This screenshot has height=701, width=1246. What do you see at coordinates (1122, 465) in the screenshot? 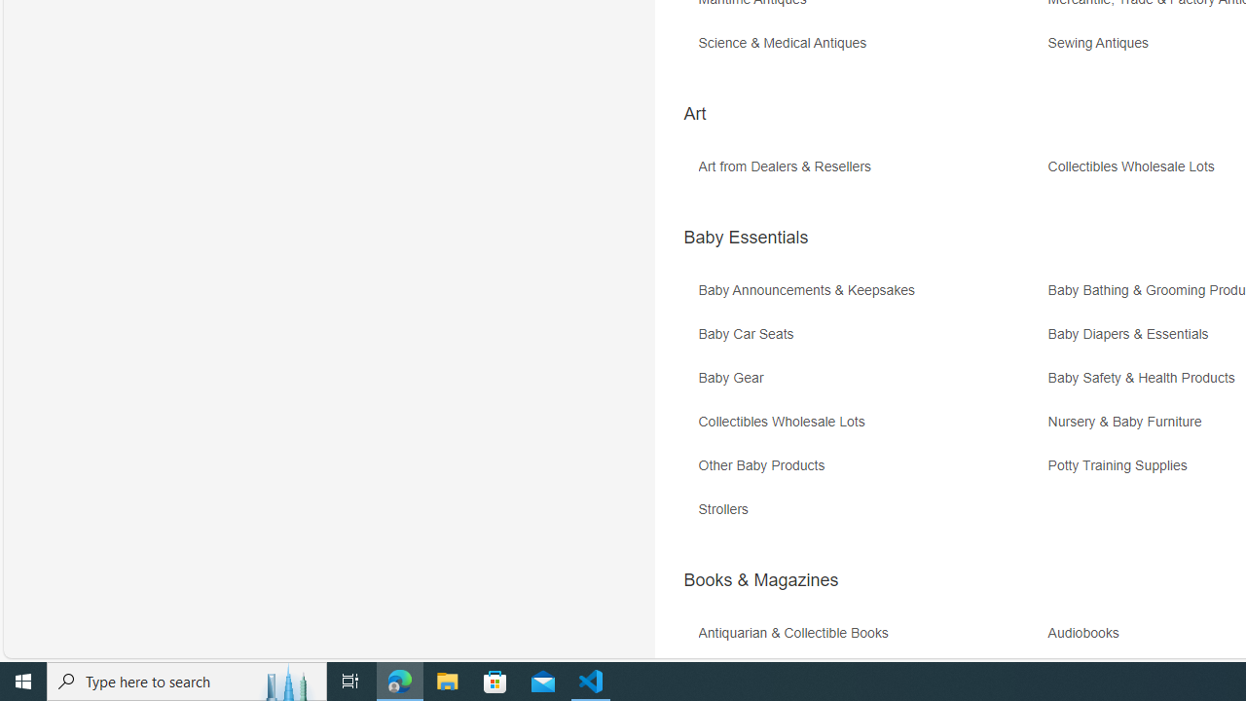
I see `'Potty Training Supplies'` at bounding box center [1122, 465].